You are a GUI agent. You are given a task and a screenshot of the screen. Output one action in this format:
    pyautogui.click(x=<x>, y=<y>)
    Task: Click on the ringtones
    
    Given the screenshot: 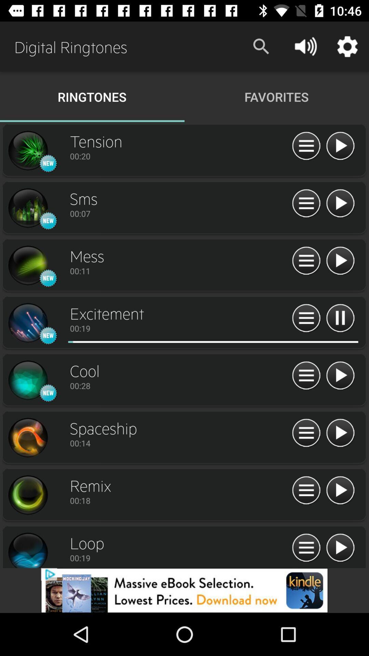 What is the action you would take?
    pyautogui.click(x=27, y=208)
    